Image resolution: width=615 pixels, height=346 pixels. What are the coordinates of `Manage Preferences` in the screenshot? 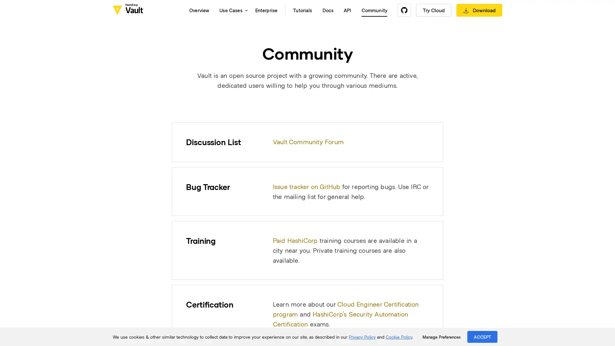 It's located at (441, 337).